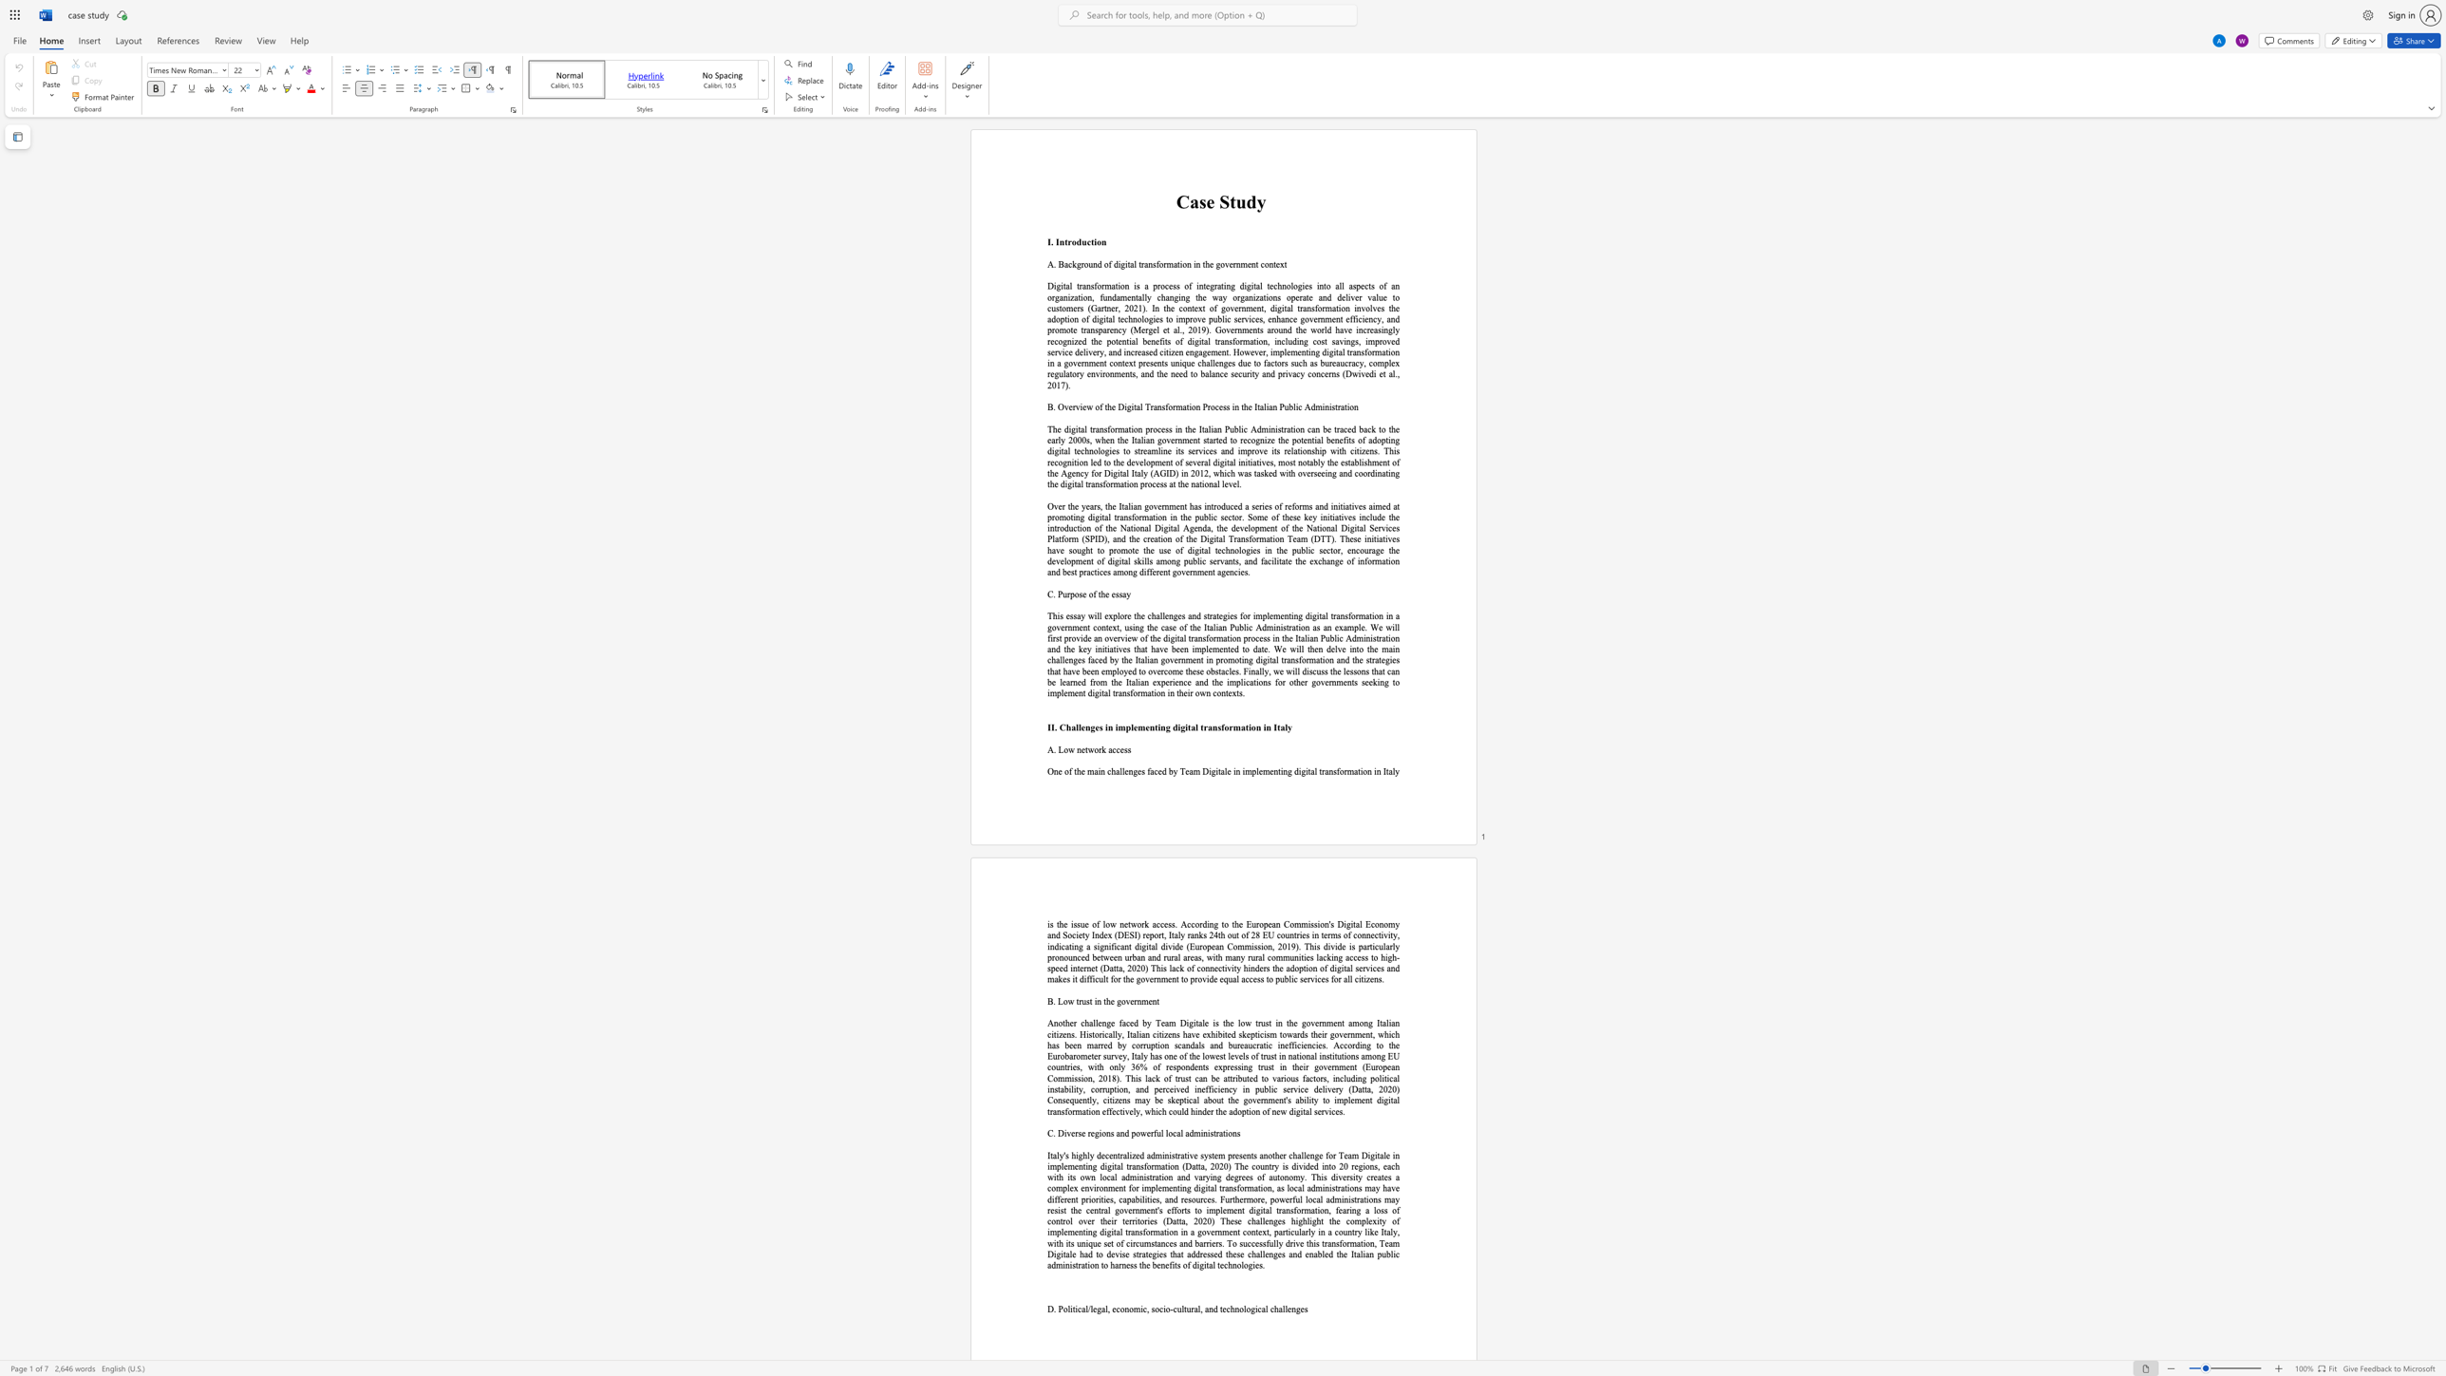  What do you see at coordinates (1211, 1088) in the screenshot?
I see `the subset text "iciency in public service delivery (Datta, 2020) Consequently, citizens may be skeptical abou" within the text "tributed to various factors, including political instability, corruption, and perceived inefficiency in public service delivery (Datta, 2020) Consequently, citizens may be skeptical about the government"` at bounding box center [1211, 1088].